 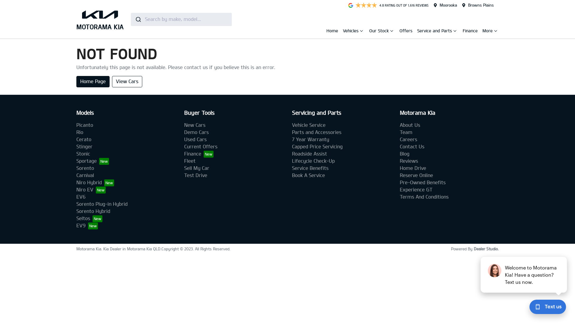 What do you see at coordinates (76, 161) in the screenshot?
I see `'Sportage'` at bounding box center [76, 161].